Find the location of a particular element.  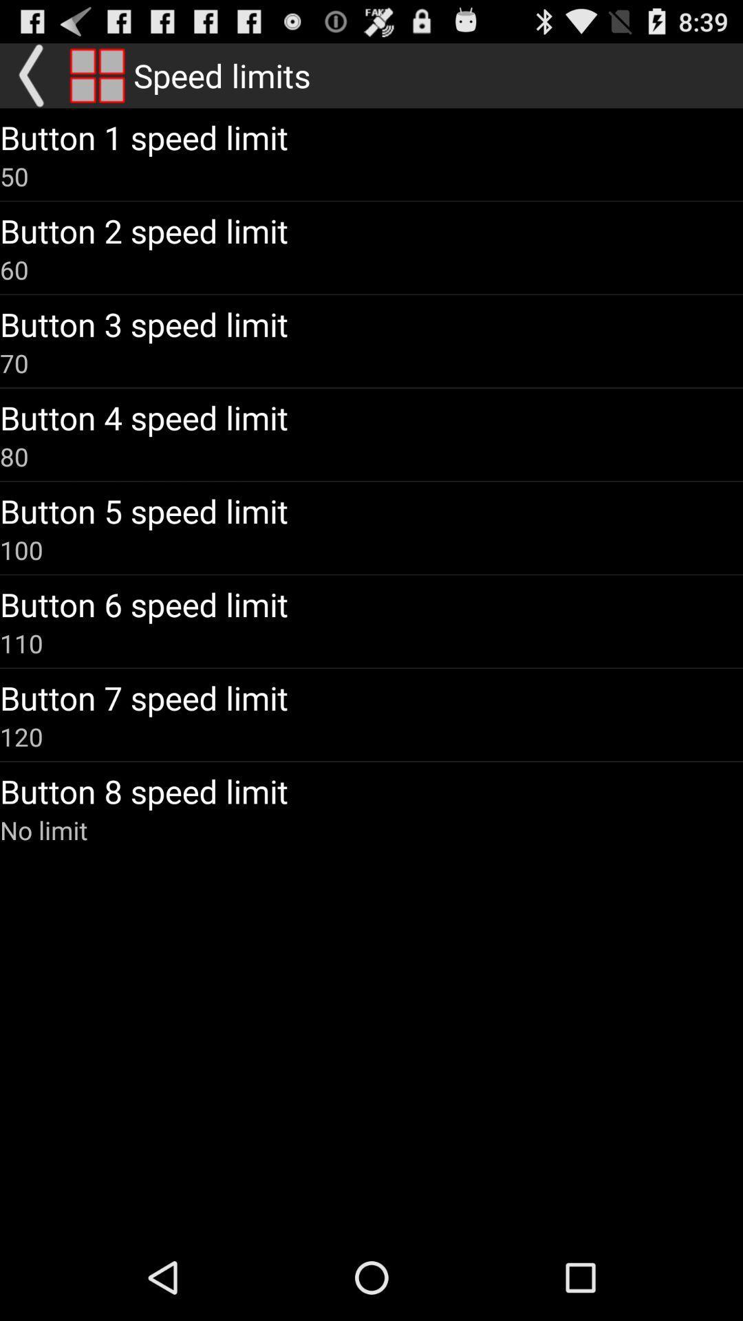

the app above the button 3 speed app is located at coordinates (14, 270).